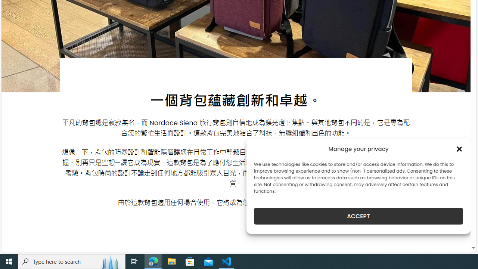 The width and height of the screenshot is (478, 269). Describe the element at coordinates (153, 261) in the screenshot. I see `'Microsoft Edge - 2 running windows'` at that location.